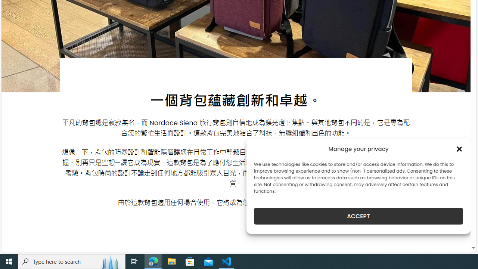 The width and height of the screenshot is (478, 269). Describe the element at coordinates (153, 261) in the screenshot. I see `'Microsoft Edge - 2 running windows'` at that location.